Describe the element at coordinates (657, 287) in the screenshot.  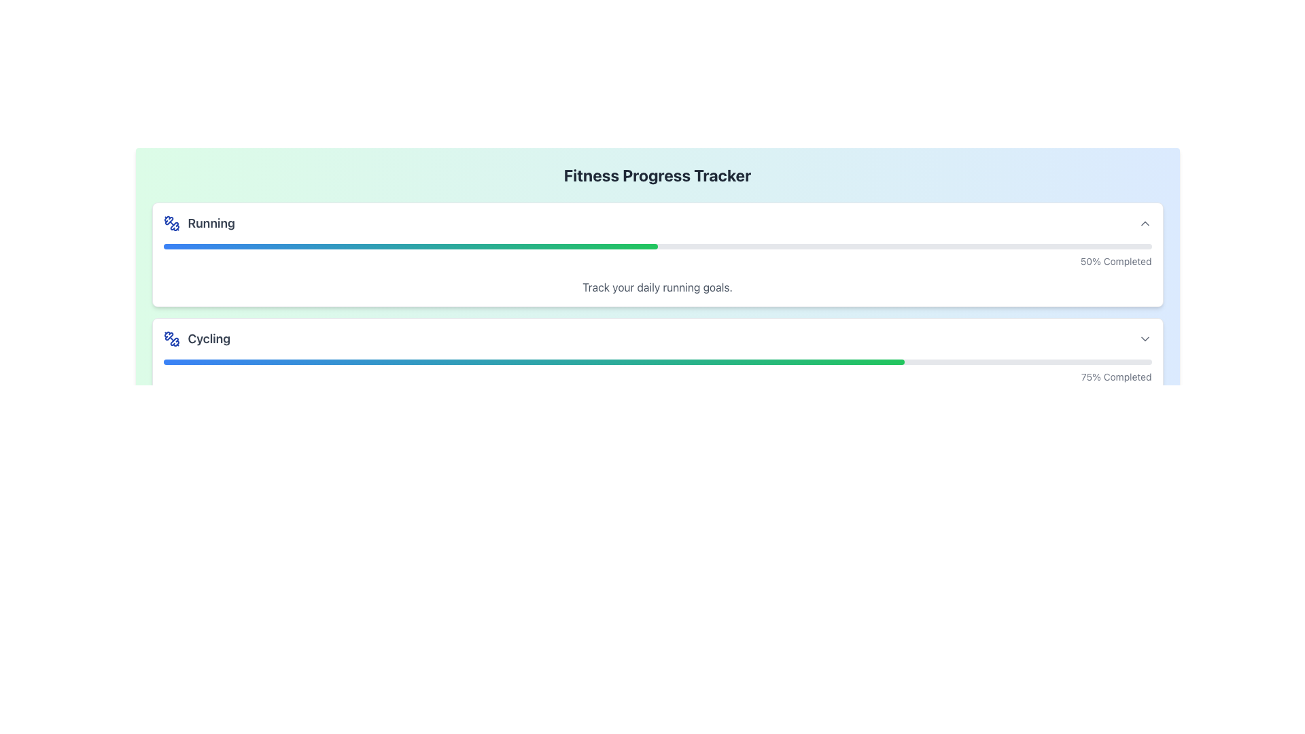
I see `static text element that displays 'Track your daily running goals.' located below the progress bar in the 'Running' section of the application layout` at that location.